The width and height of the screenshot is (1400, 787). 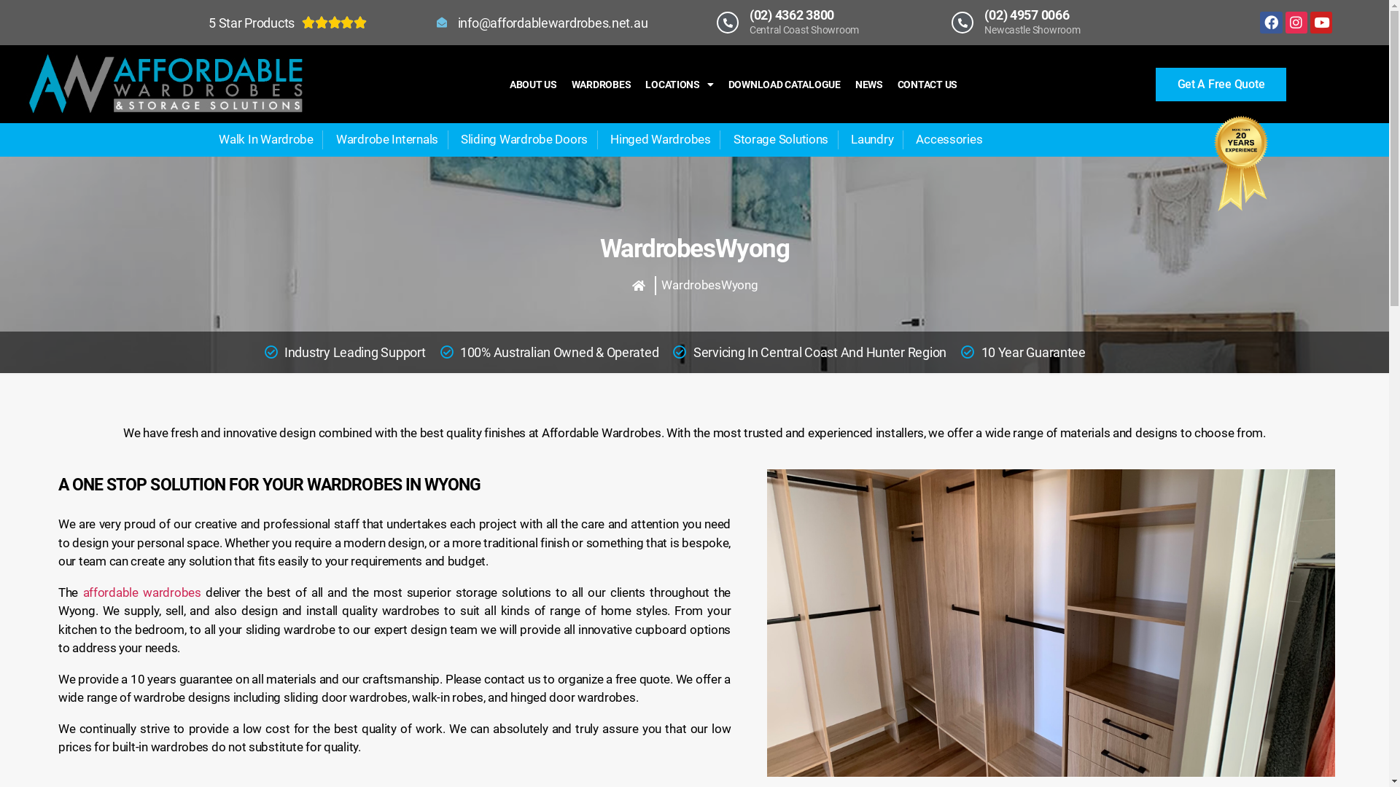 What do you see at coordinates (947, 140) in the screenshot?
I see `'Accessories'` at bounding box center [947, 140].